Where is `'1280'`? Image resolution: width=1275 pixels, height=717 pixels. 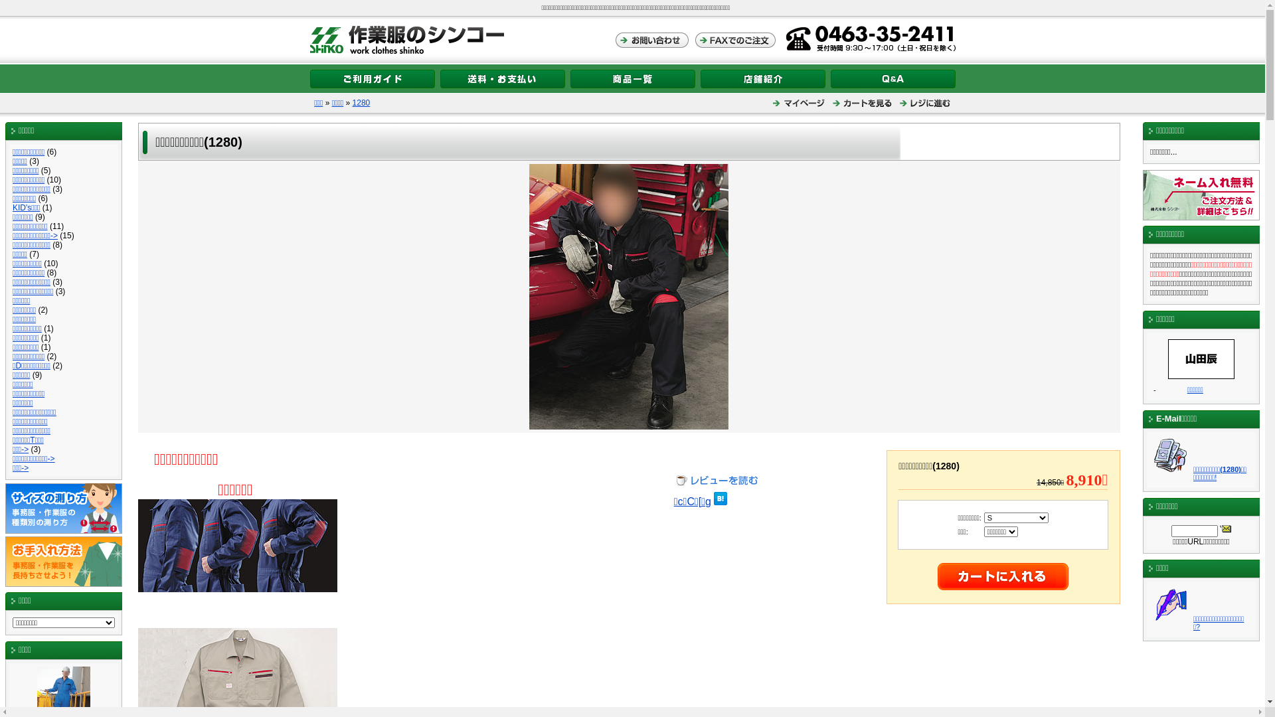
'1280' is located at coordinates (361, 102).